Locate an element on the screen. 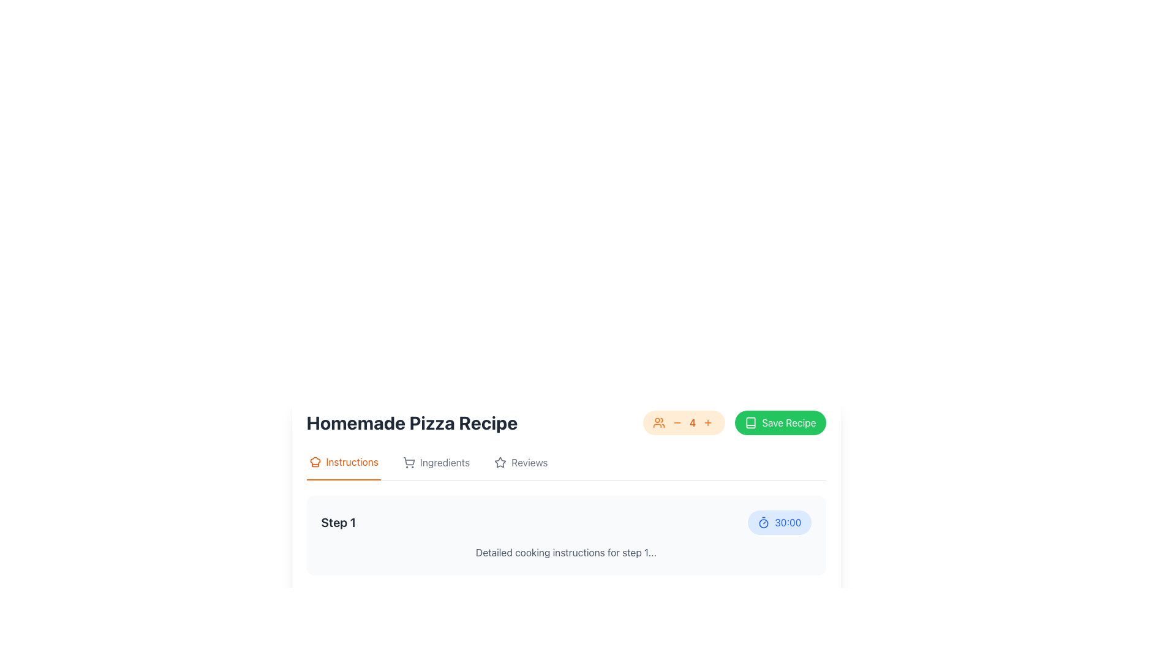 The width and height of the screenshot is (1176, 661). the shopping cart icon located in the horizontal navigation bar under 'Homemade Pizza Recipe', which represents the ingredients section is located at coordinates (409, 463).